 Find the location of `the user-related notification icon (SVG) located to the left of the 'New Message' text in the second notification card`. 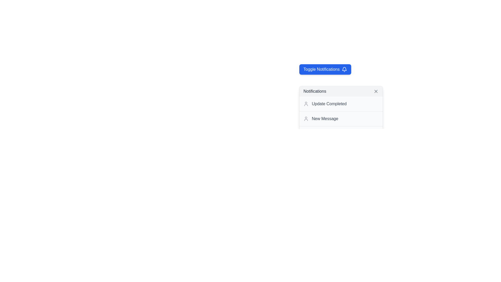

the user-related notification icon (SVG) located to the left of the 'New Message' text in the second notification card is located at coordinates (306, 119).